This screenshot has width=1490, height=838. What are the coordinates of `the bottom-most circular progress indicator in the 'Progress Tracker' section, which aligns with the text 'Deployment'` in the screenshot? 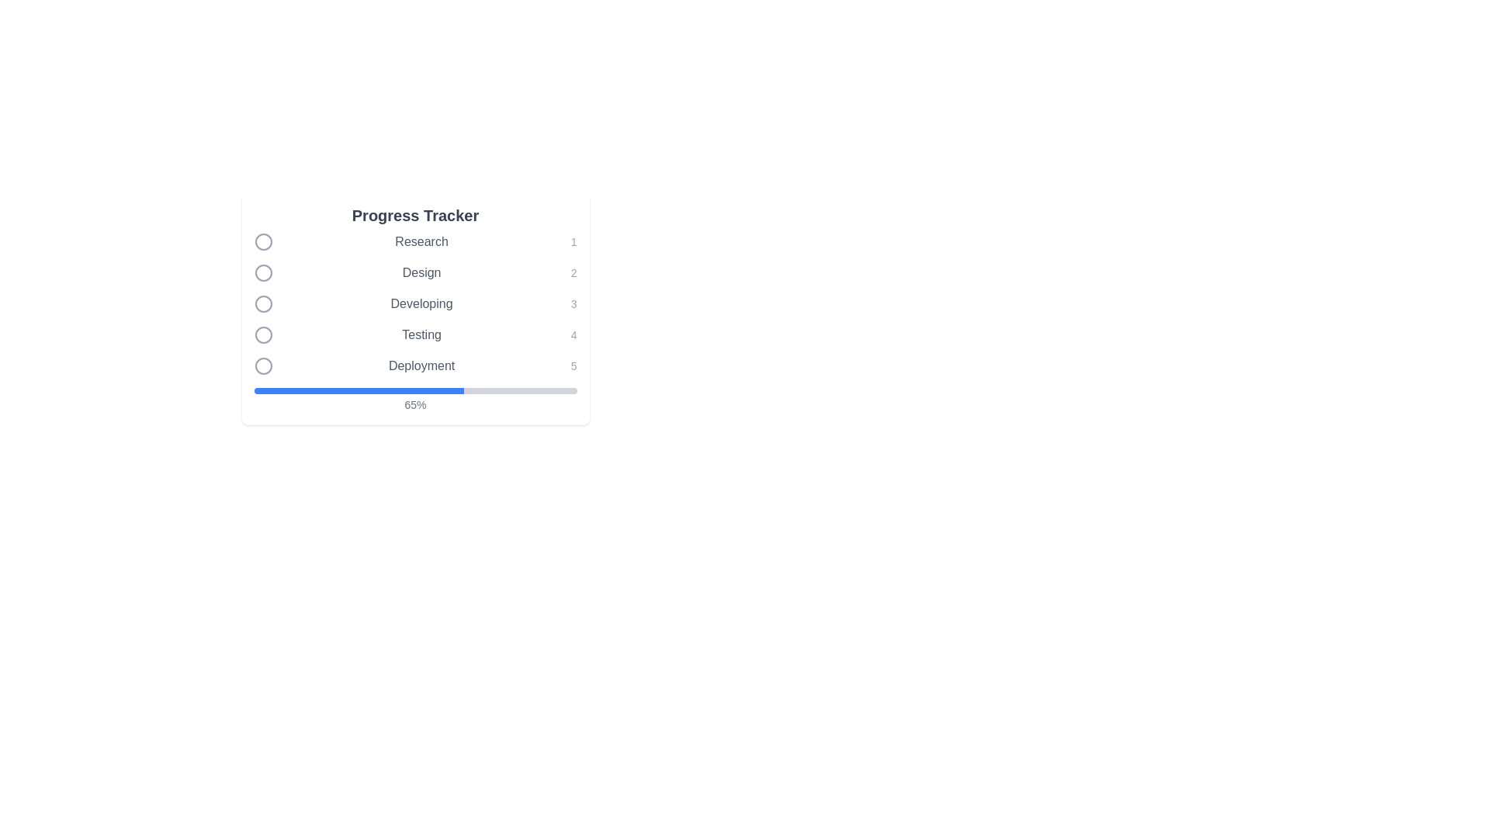 It's located at (263, 365).